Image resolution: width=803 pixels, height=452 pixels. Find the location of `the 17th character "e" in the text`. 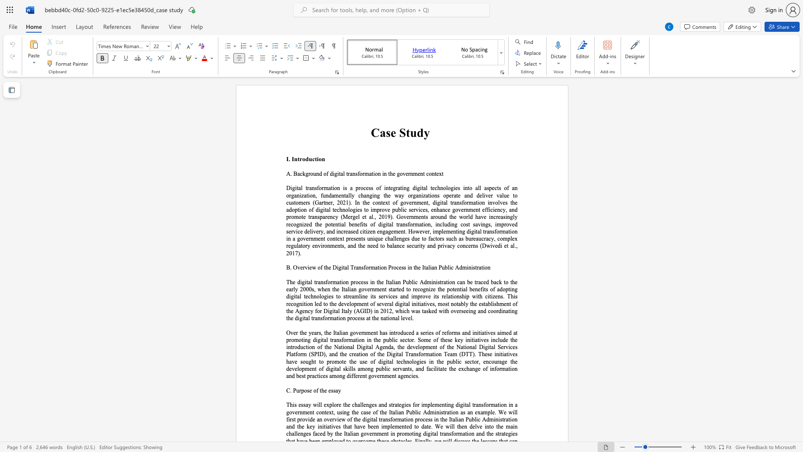

the 17th character "e" in the text is located at coordinates (410, 203).